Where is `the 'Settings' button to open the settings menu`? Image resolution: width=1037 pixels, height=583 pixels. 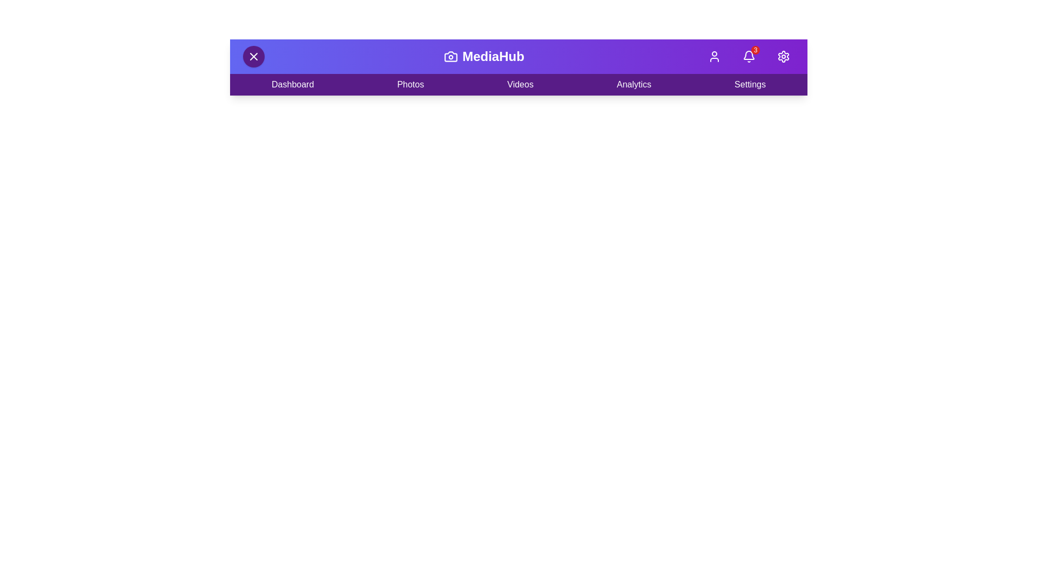 the 'Settings' button to open the settings menu is located at coordinates (783, 56).